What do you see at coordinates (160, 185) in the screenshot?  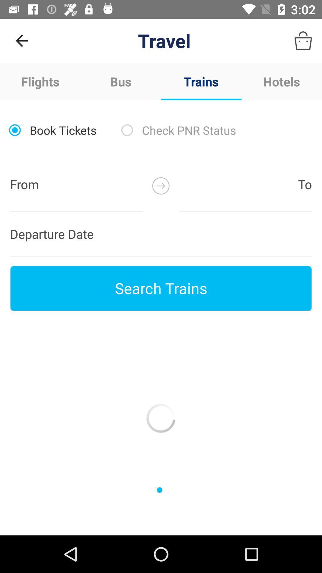 I see `the arrow_forward icon` at bounding box center [160, 185].